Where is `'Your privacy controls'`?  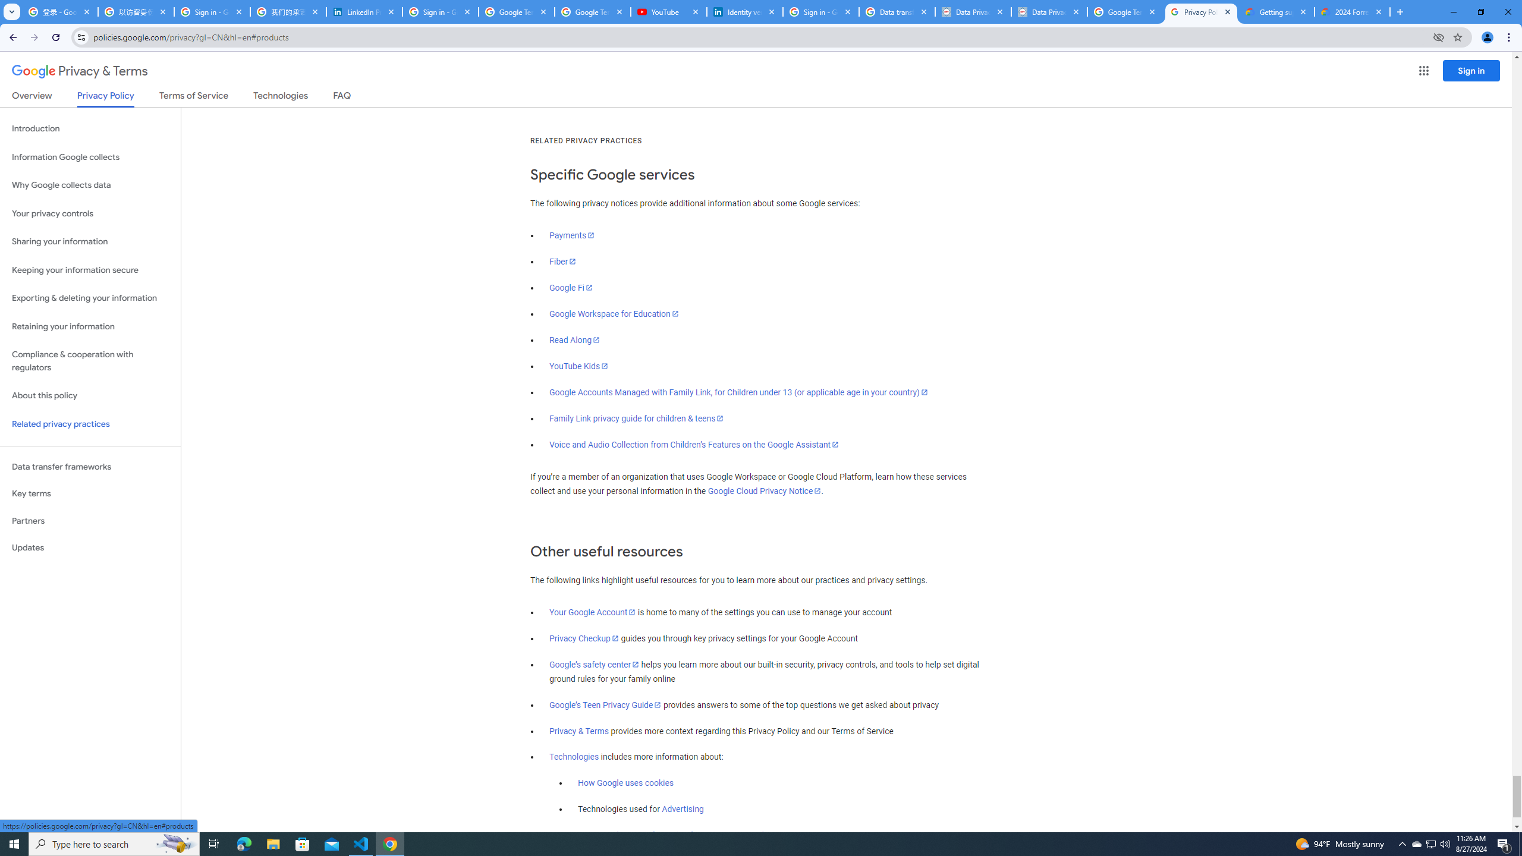 'Your privacy controls' is located at coordinates (90, 214).